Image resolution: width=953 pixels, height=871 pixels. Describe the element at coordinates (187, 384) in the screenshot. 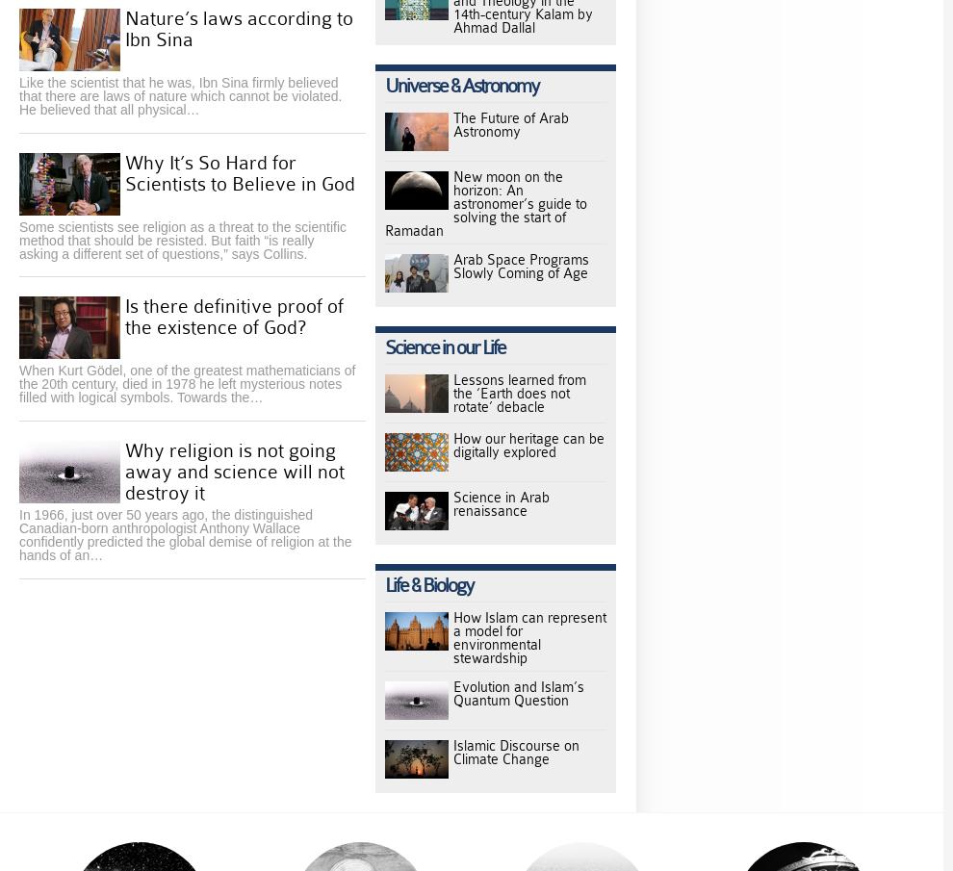

I see `'When Kurt Gödel, one of the greatest mathematicians of the 20th century, died in 1978 he left mysterious notes filled with logical symbols. Towards the…'` at that location.